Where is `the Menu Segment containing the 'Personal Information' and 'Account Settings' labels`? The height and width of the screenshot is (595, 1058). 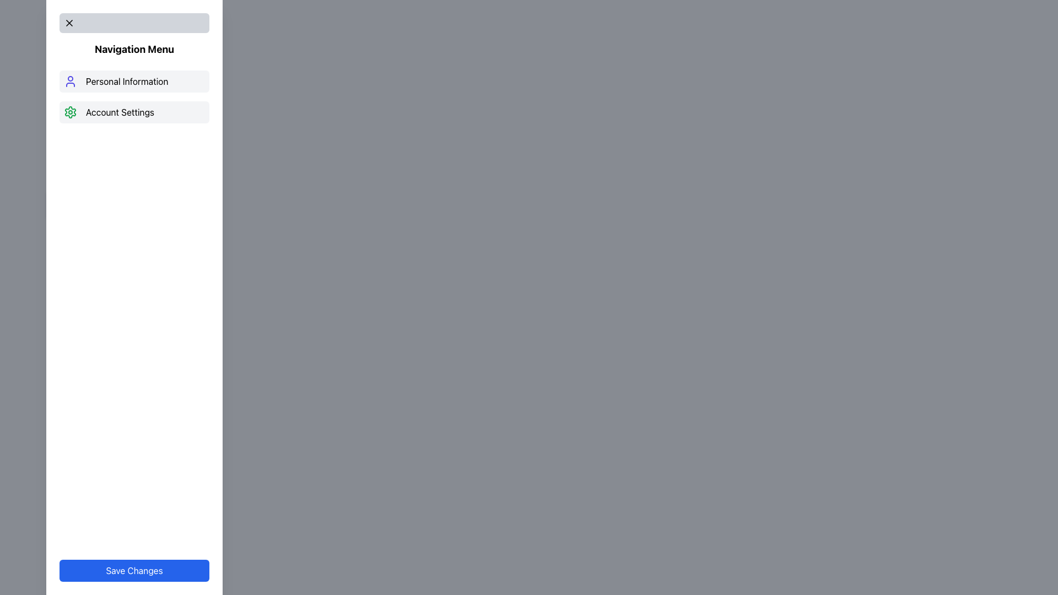 the Menu Segment containing the 'Personal Information' and 'Account Settings' labels is located at coordinates (134, 96).